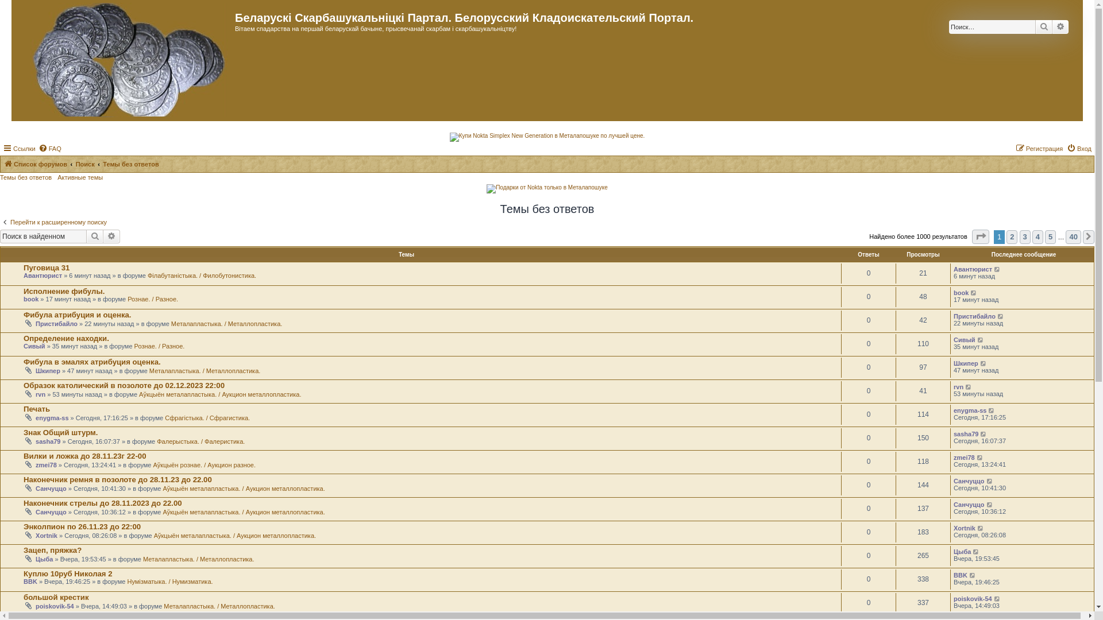 The width and height of the screenshot is (1103, 620). I want to click on '5', so click(1045, 236).